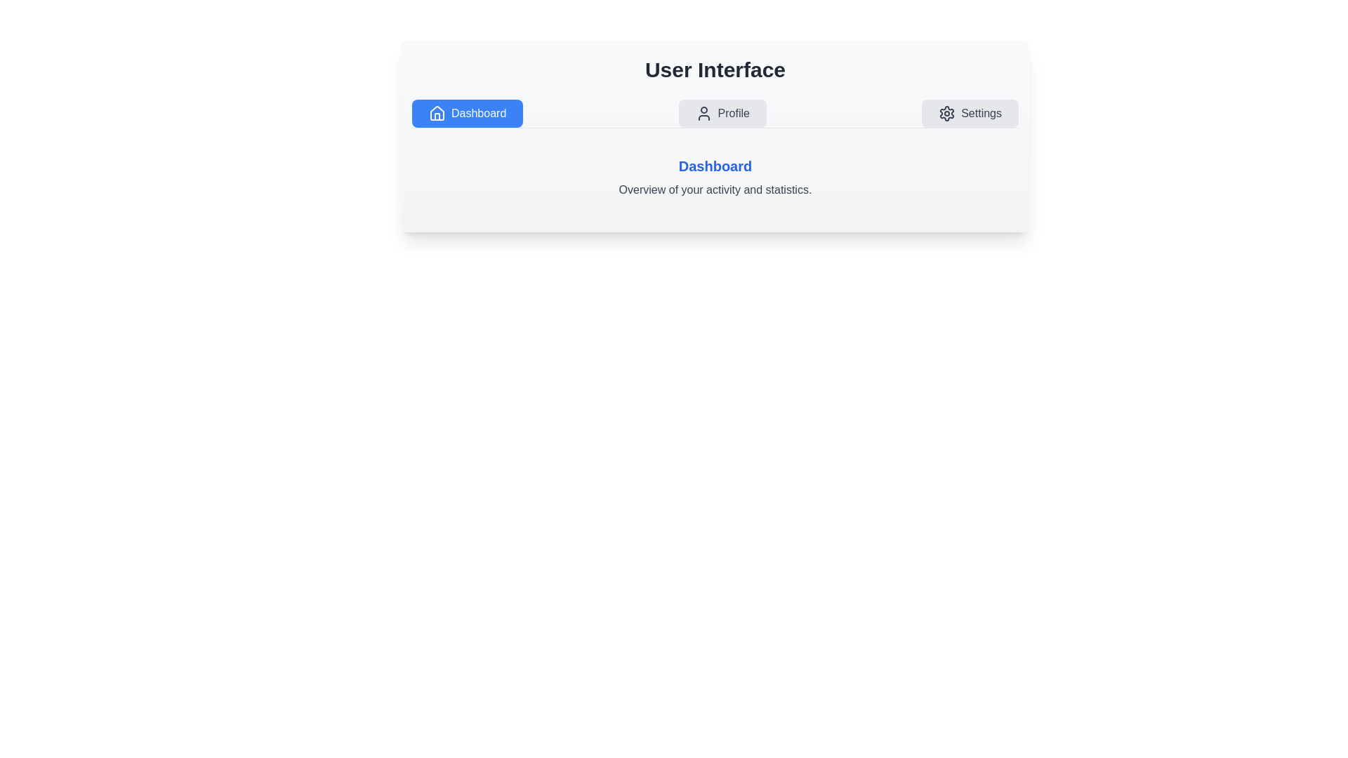  What do you see at coordinates (970, 113) in the screenshot?
I see `the tab button labeled Settings` at bounding box center [970, 113].